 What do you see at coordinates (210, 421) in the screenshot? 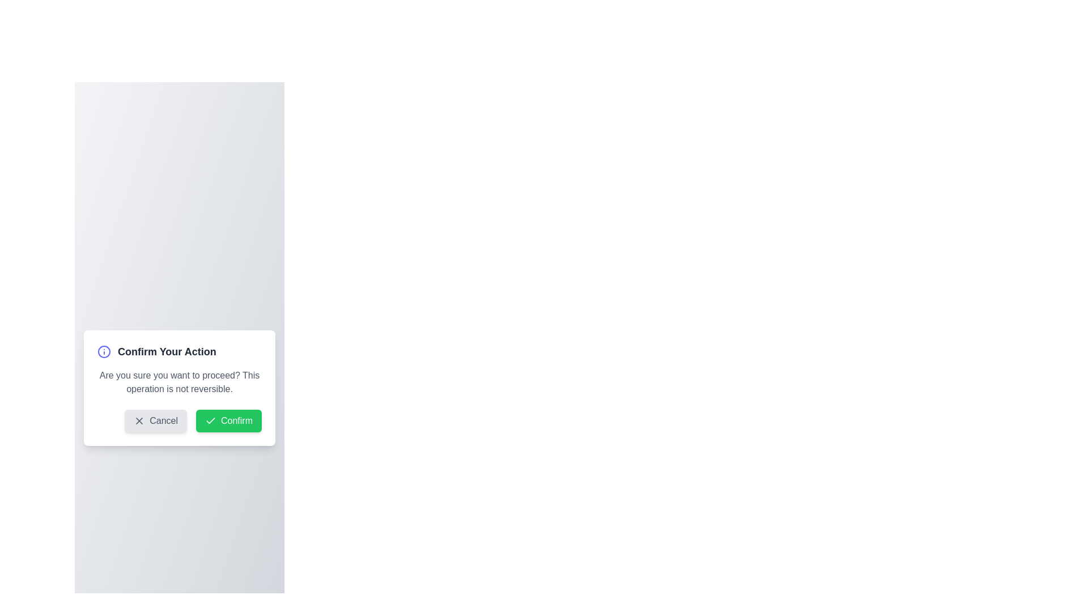
I see `the small white checkmark icon located inside the green 'Confirm' button at the bottom-right section of the confirmation dialog to confirm` at bounding box center [210, 421].